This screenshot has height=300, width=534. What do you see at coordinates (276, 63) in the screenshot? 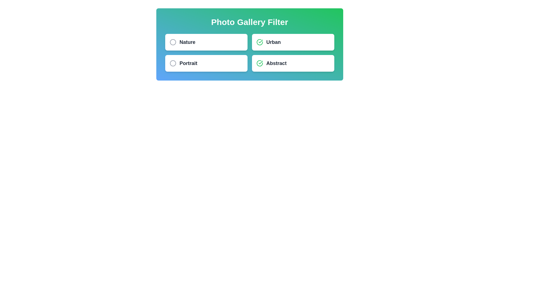
I see `the label of the filter item corresponding to Abstract` at bounding box center [276, 63].